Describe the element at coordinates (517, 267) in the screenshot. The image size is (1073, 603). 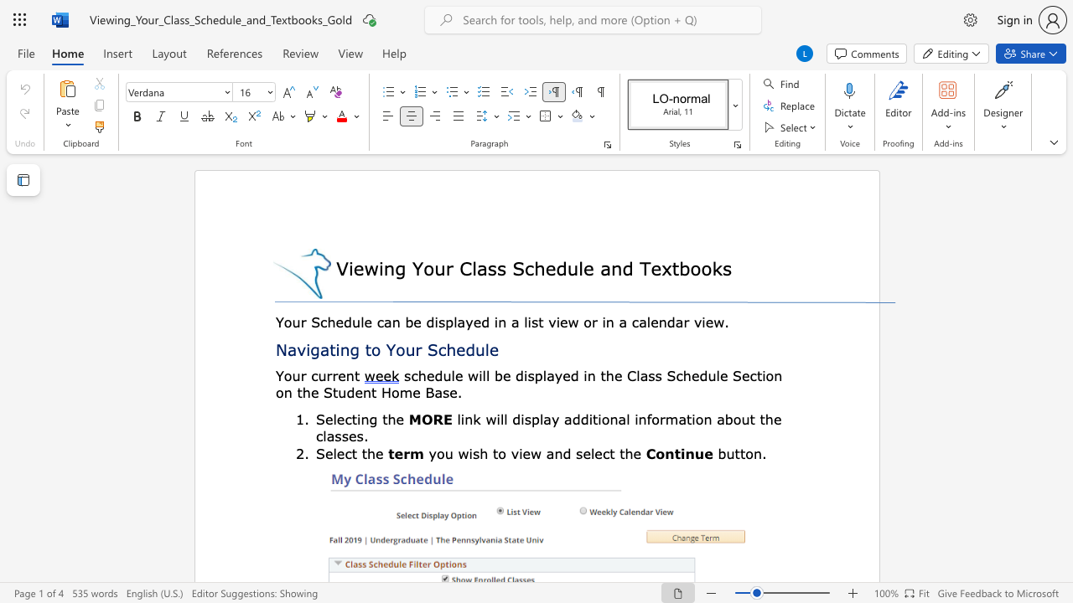
I see `the 1th character "S" in the text` at that location.